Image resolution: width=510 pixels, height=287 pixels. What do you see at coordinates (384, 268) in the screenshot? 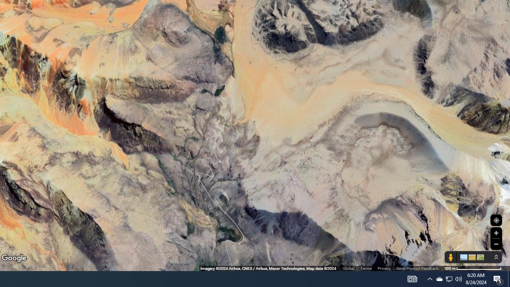
I see `'Privacy'` at bounding box center [384, 268].